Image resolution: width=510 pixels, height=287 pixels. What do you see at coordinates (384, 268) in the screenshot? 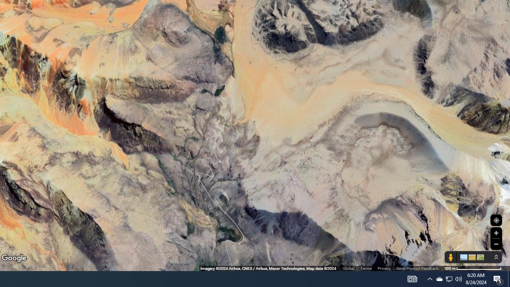
I see `'Privacy'` at bounding box center [384, 268].